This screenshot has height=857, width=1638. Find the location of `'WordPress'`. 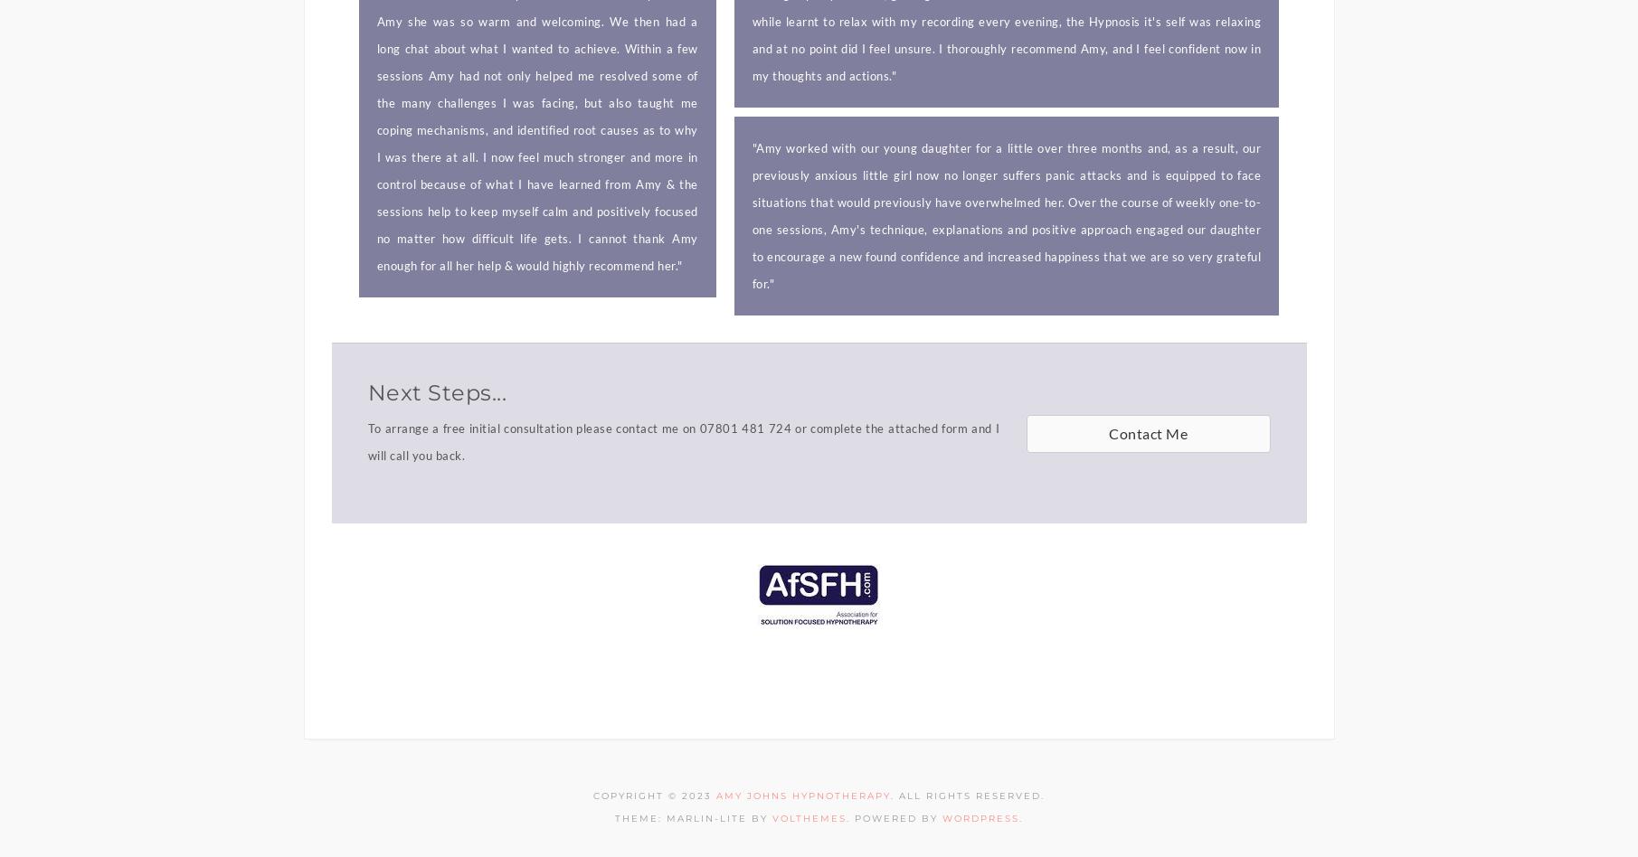

'WordPress' is located at coordinates (980, 817).